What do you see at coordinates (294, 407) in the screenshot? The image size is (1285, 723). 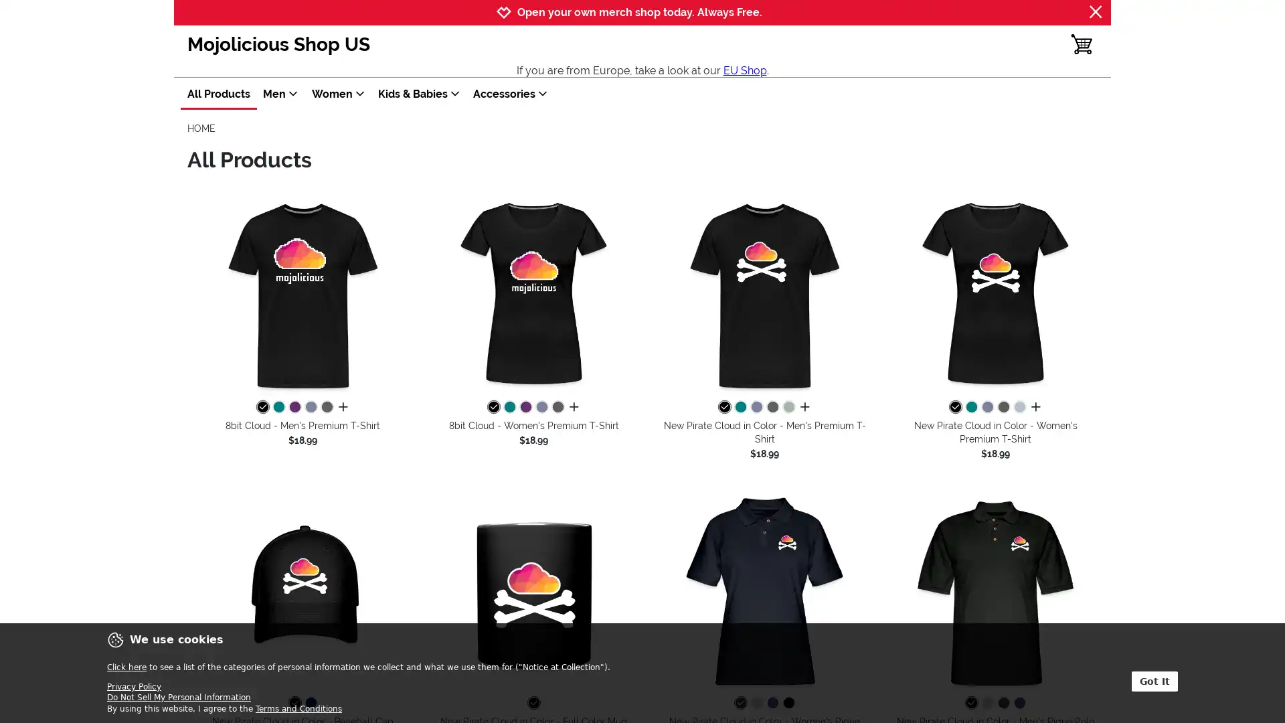 I see `purple` at bounding box center [294, 407].